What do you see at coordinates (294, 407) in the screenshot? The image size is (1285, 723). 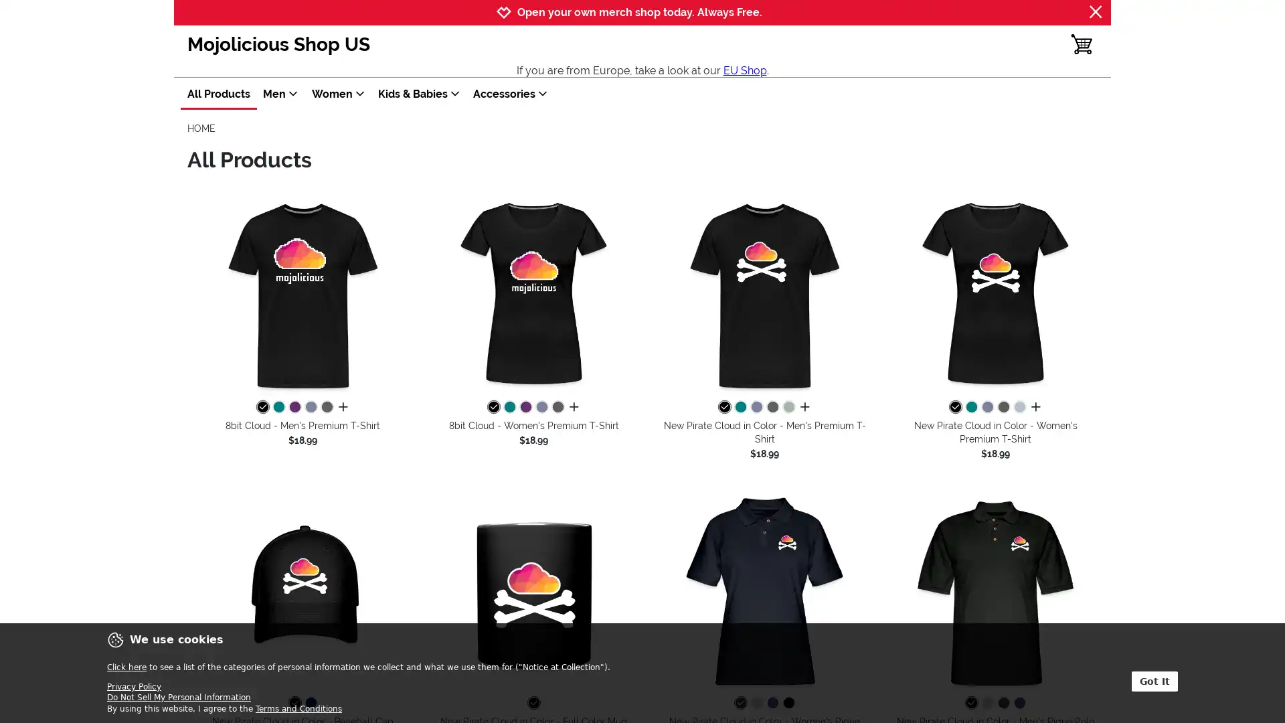 I see `purple` at bounding box center [294, 407].